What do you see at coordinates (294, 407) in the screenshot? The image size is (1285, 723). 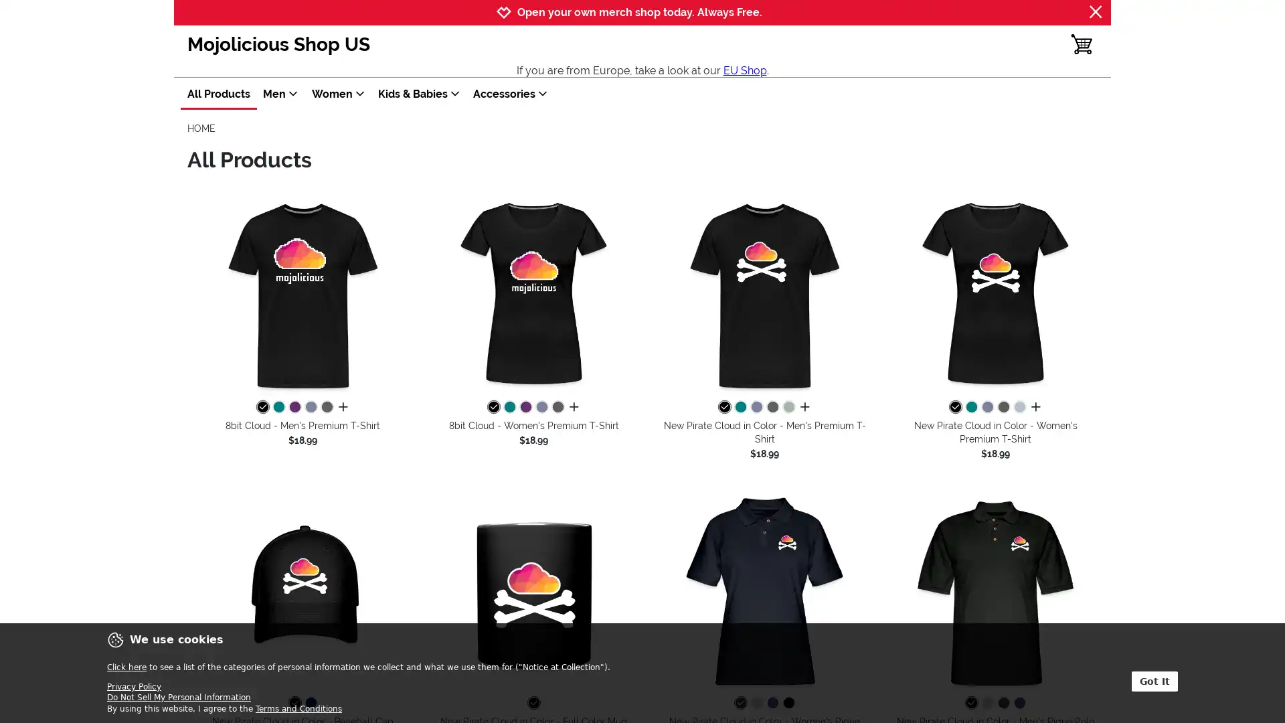 I see `purple` at bounding box center [294, 407].